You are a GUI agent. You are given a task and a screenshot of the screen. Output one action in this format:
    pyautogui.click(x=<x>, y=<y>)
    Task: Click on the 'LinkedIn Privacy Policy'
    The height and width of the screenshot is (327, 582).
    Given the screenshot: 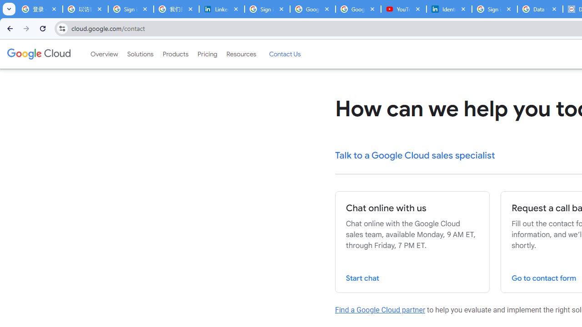 What is the action you would take?
    pyautogui.click(x=221, y=9)
    